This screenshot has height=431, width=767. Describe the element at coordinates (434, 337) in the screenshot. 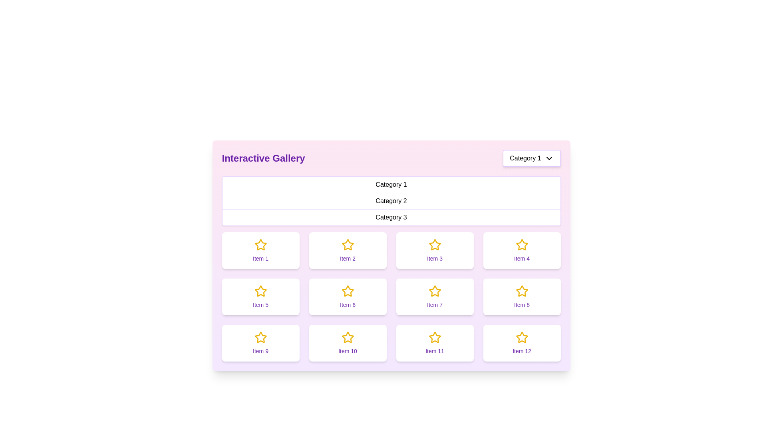

I see `the star-shaped icon with a yellow outline associated with 'Item 11' to rate or select the item` at that location.